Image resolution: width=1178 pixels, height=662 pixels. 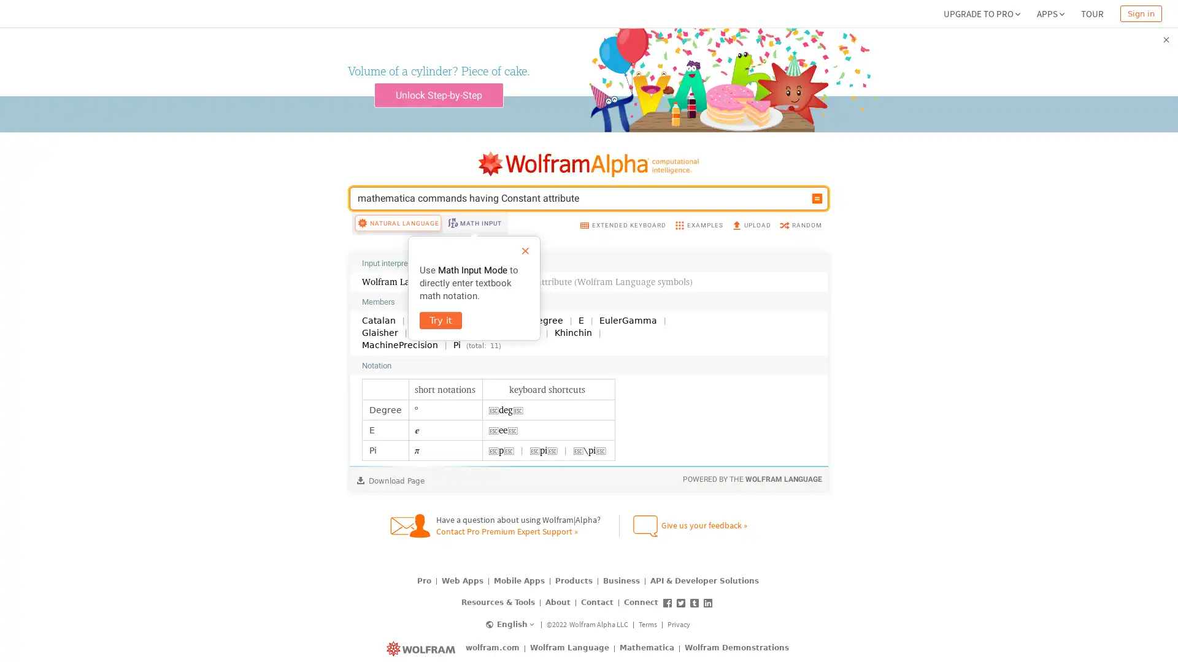 I want to click on EXTENDED KEYBOARD, so click(x=622, y=248).